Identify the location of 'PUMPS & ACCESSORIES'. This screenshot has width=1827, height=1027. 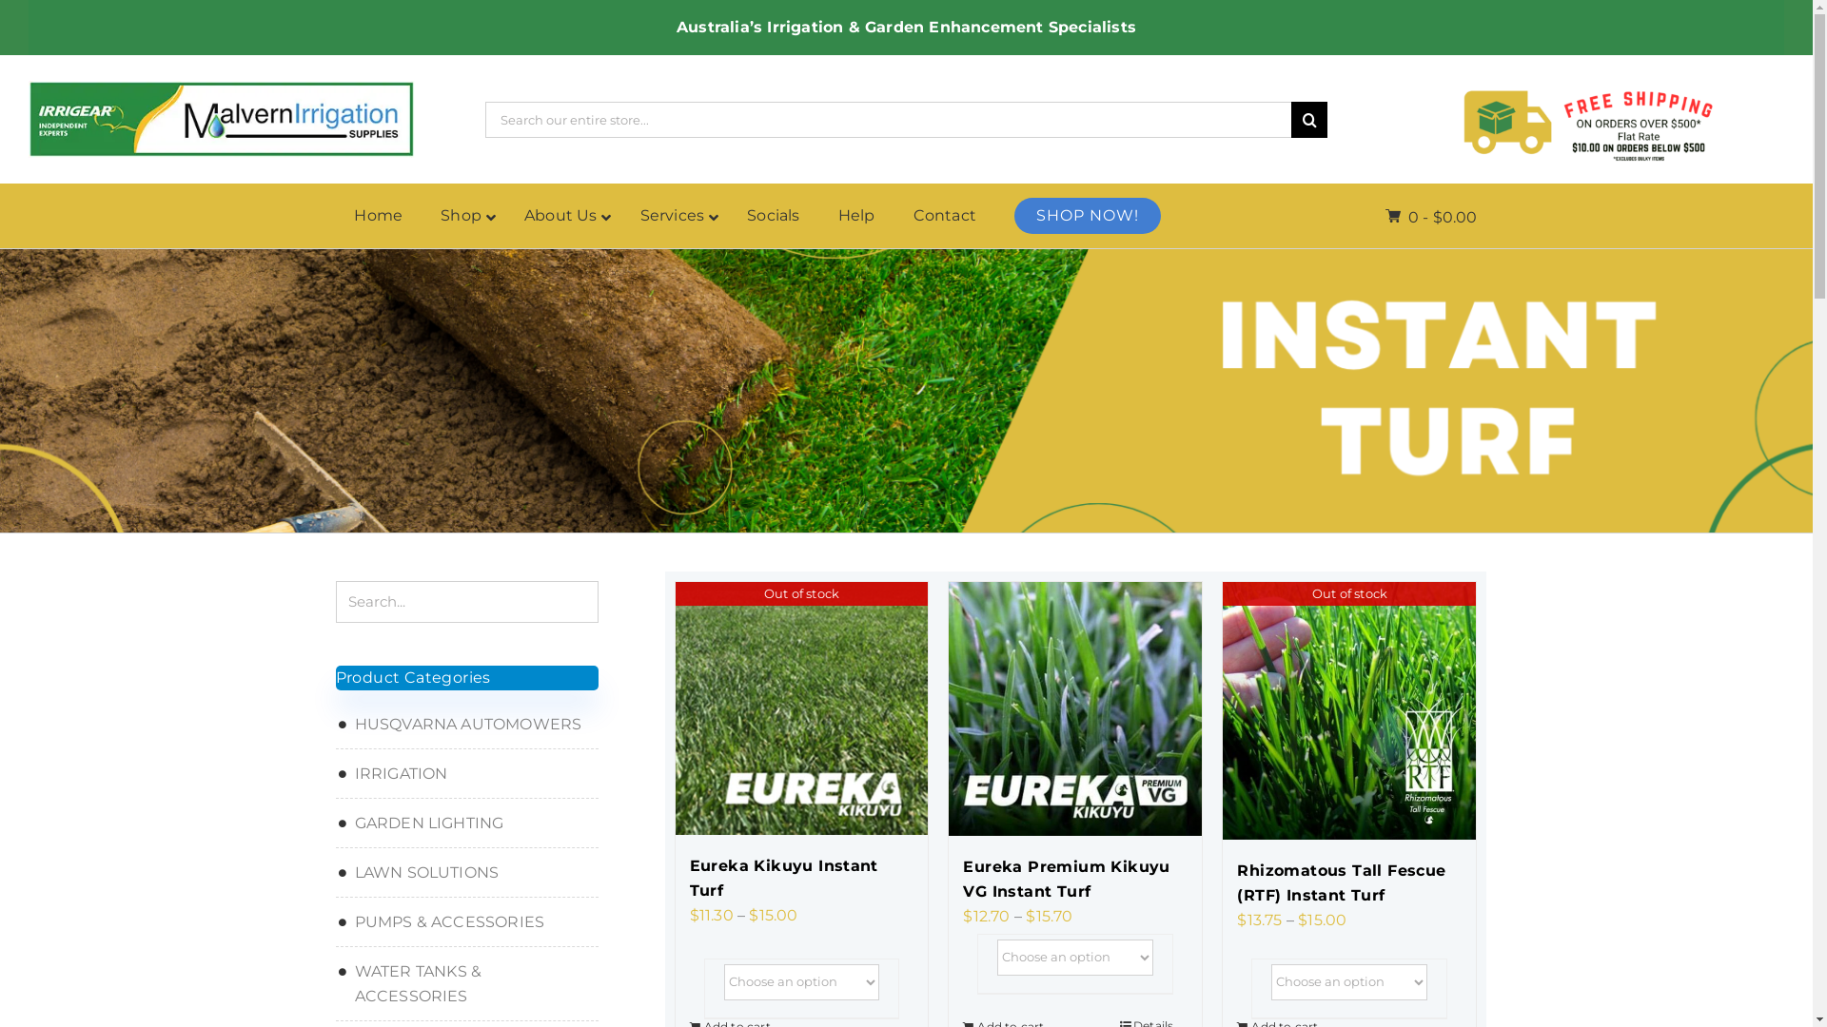
(465, 920).